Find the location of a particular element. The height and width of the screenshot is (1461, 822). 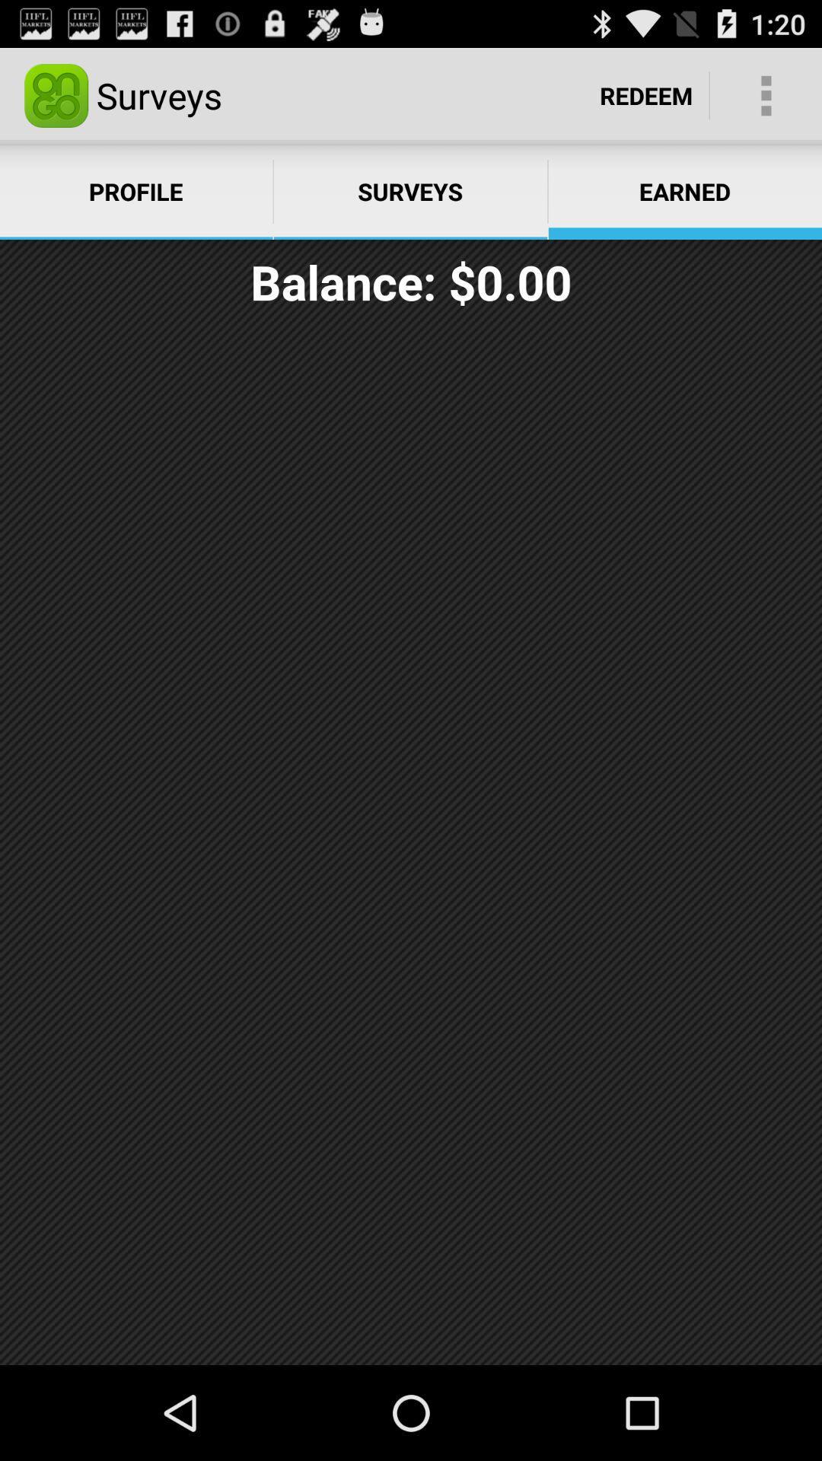

the icon above earned app is located at coordinates (646, 94).